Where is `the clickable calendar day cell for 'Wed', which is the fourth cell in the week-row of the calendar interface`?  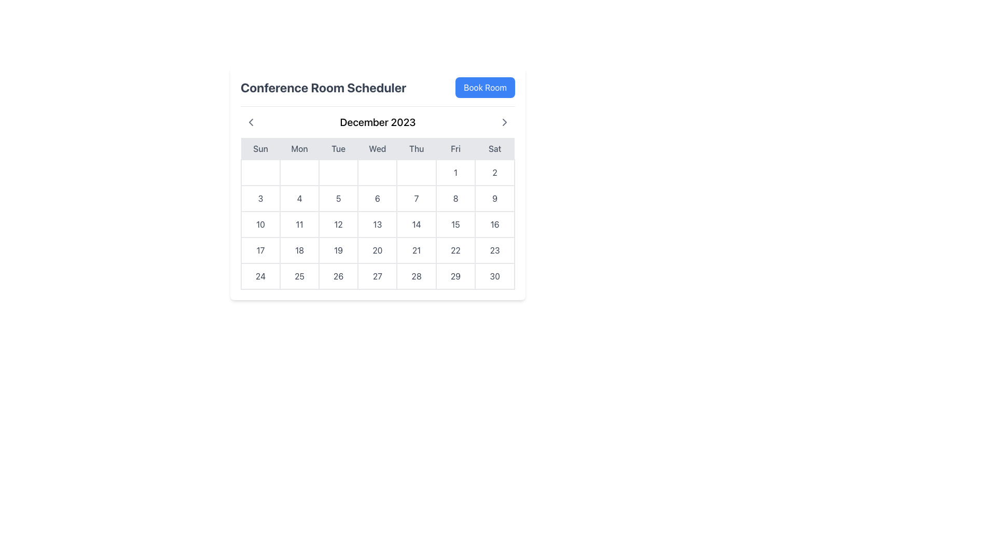
the clickable calendar day cell for 'Wed', which is the fourth cell in the week-row of the calendar interface is located at coordinates (377, 172).